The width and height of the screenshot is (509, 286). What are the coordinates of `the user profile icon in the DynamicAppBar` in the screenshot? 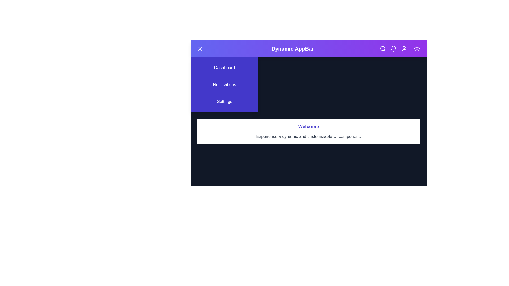 It's located at (404, 49).